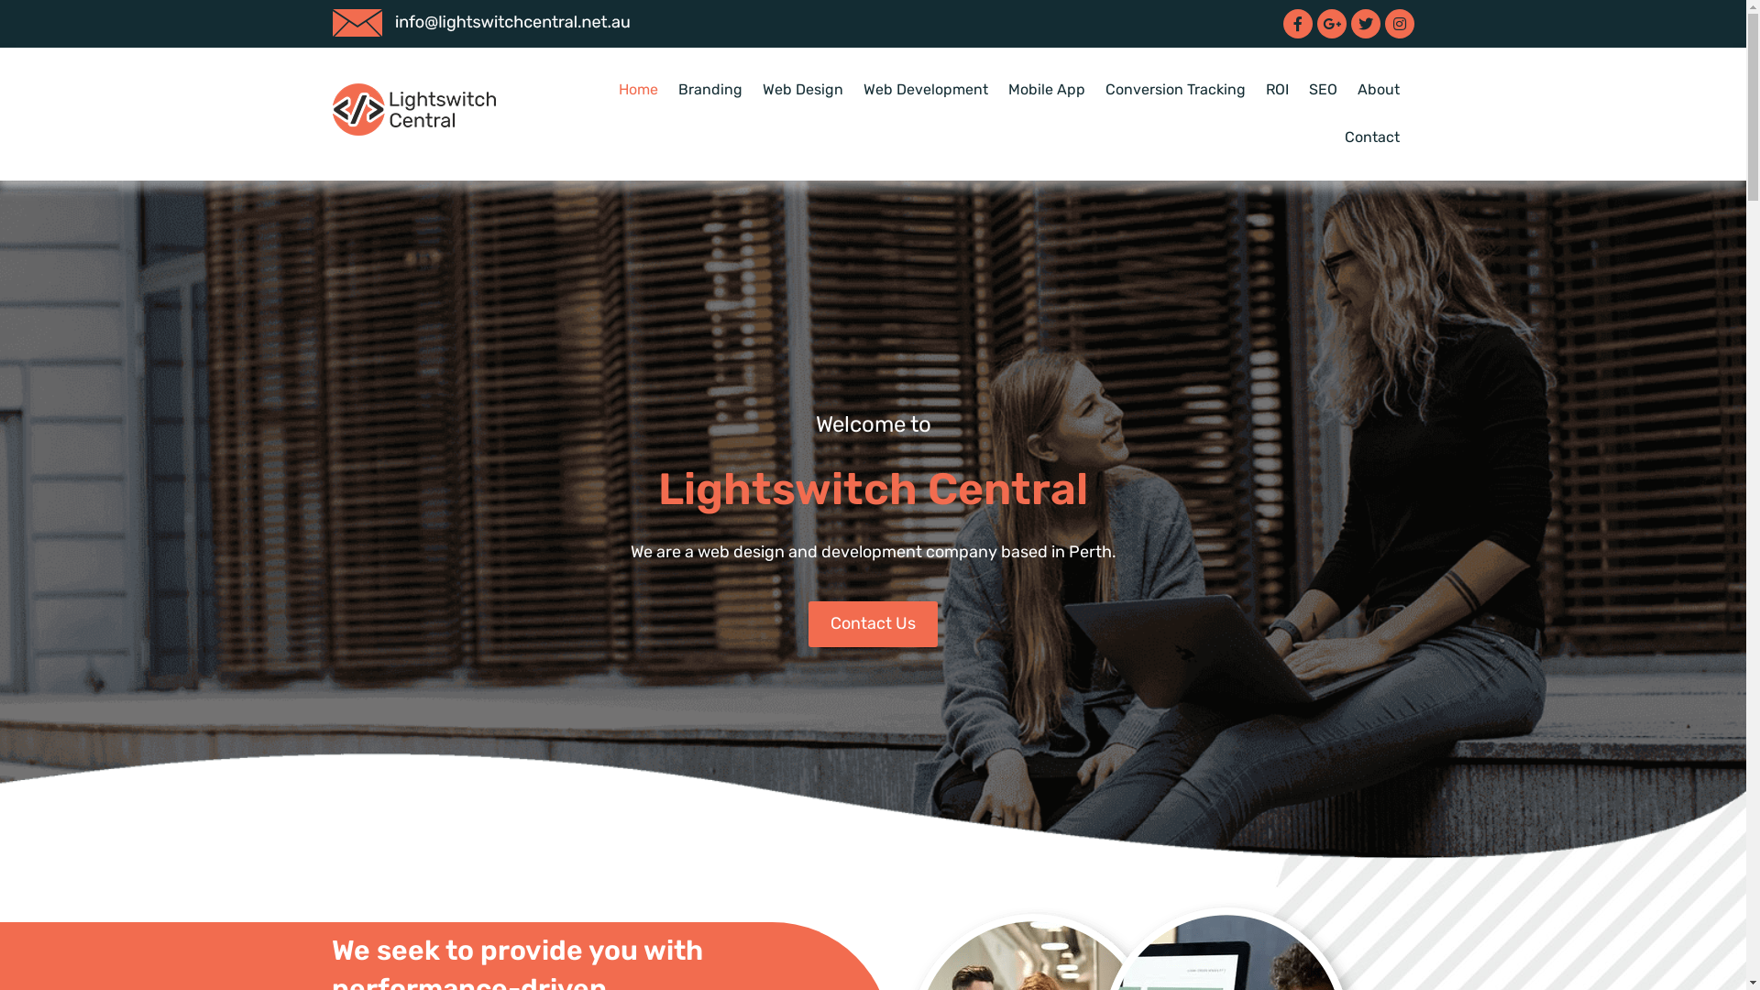  I want to click on 'Mobile App', so click(1047, 89).